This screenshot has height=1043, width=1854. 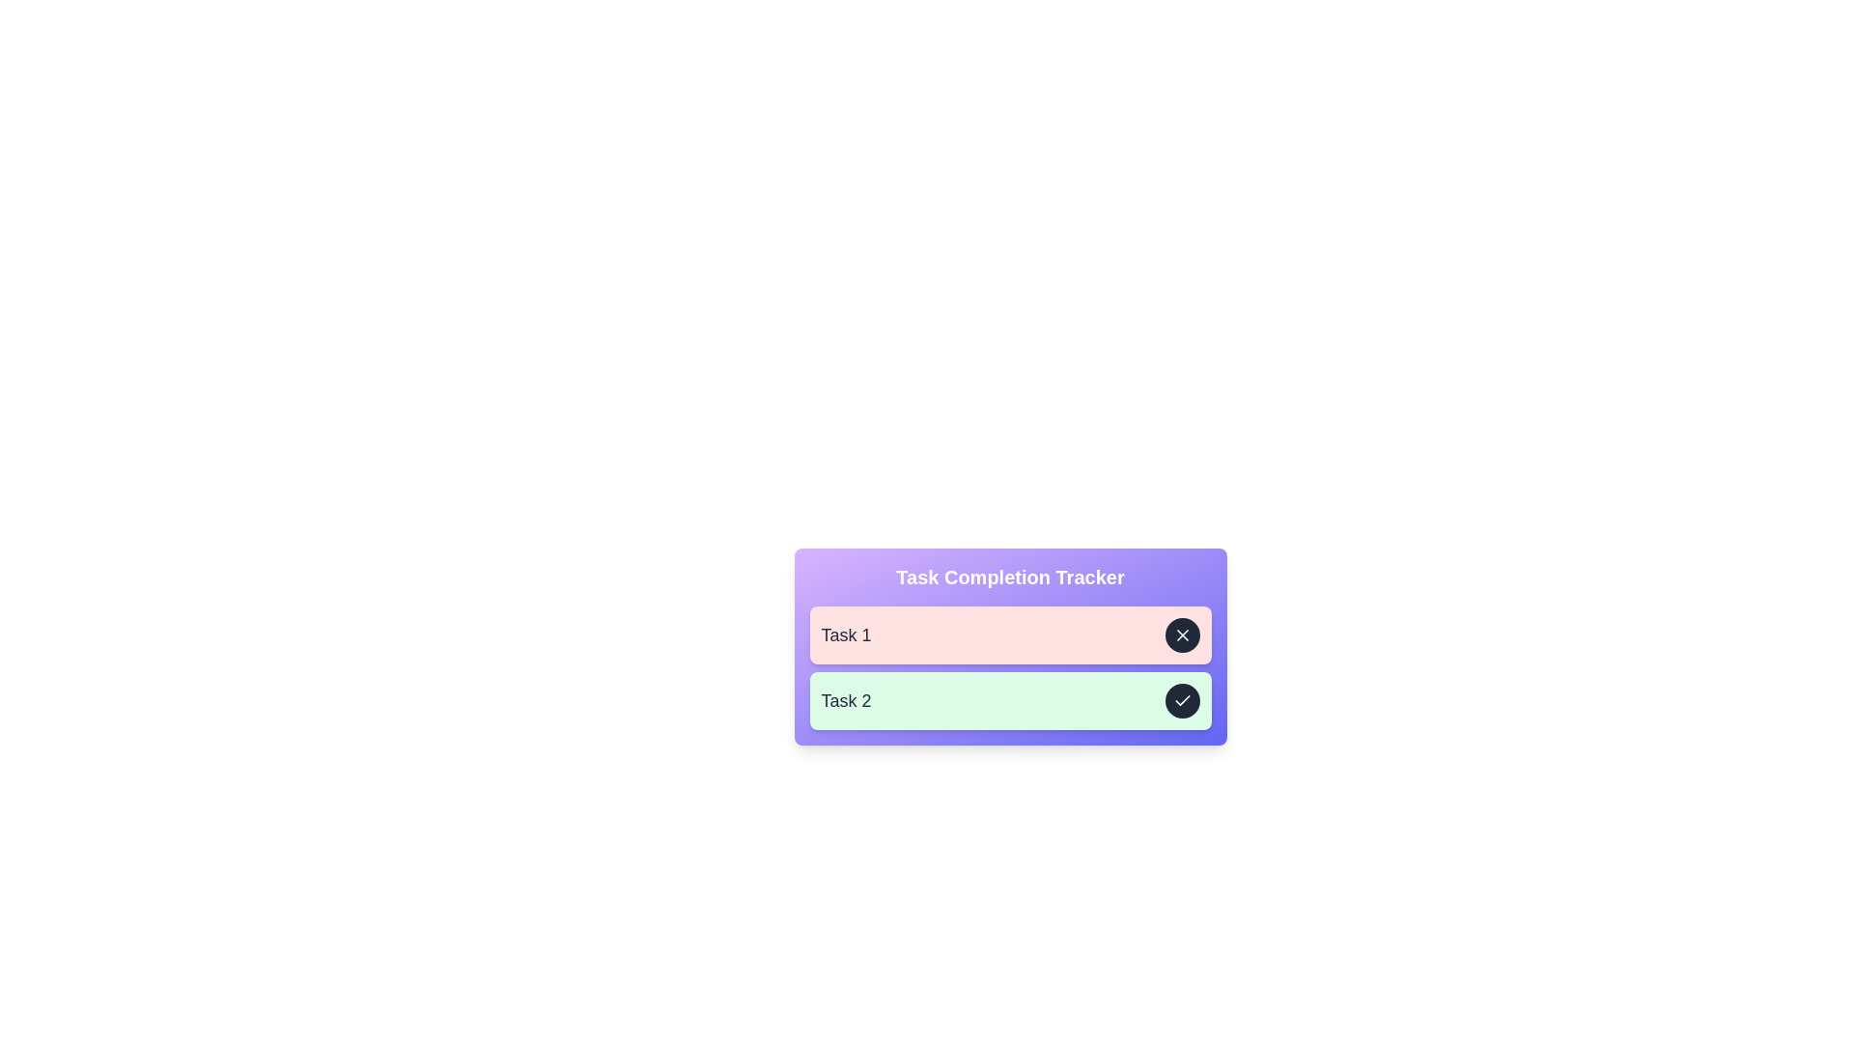 What do you see at coordinates (846, 635) in the screenshot?
I see `the leftmost text label in the task management system` at bounding box center [846, 635].